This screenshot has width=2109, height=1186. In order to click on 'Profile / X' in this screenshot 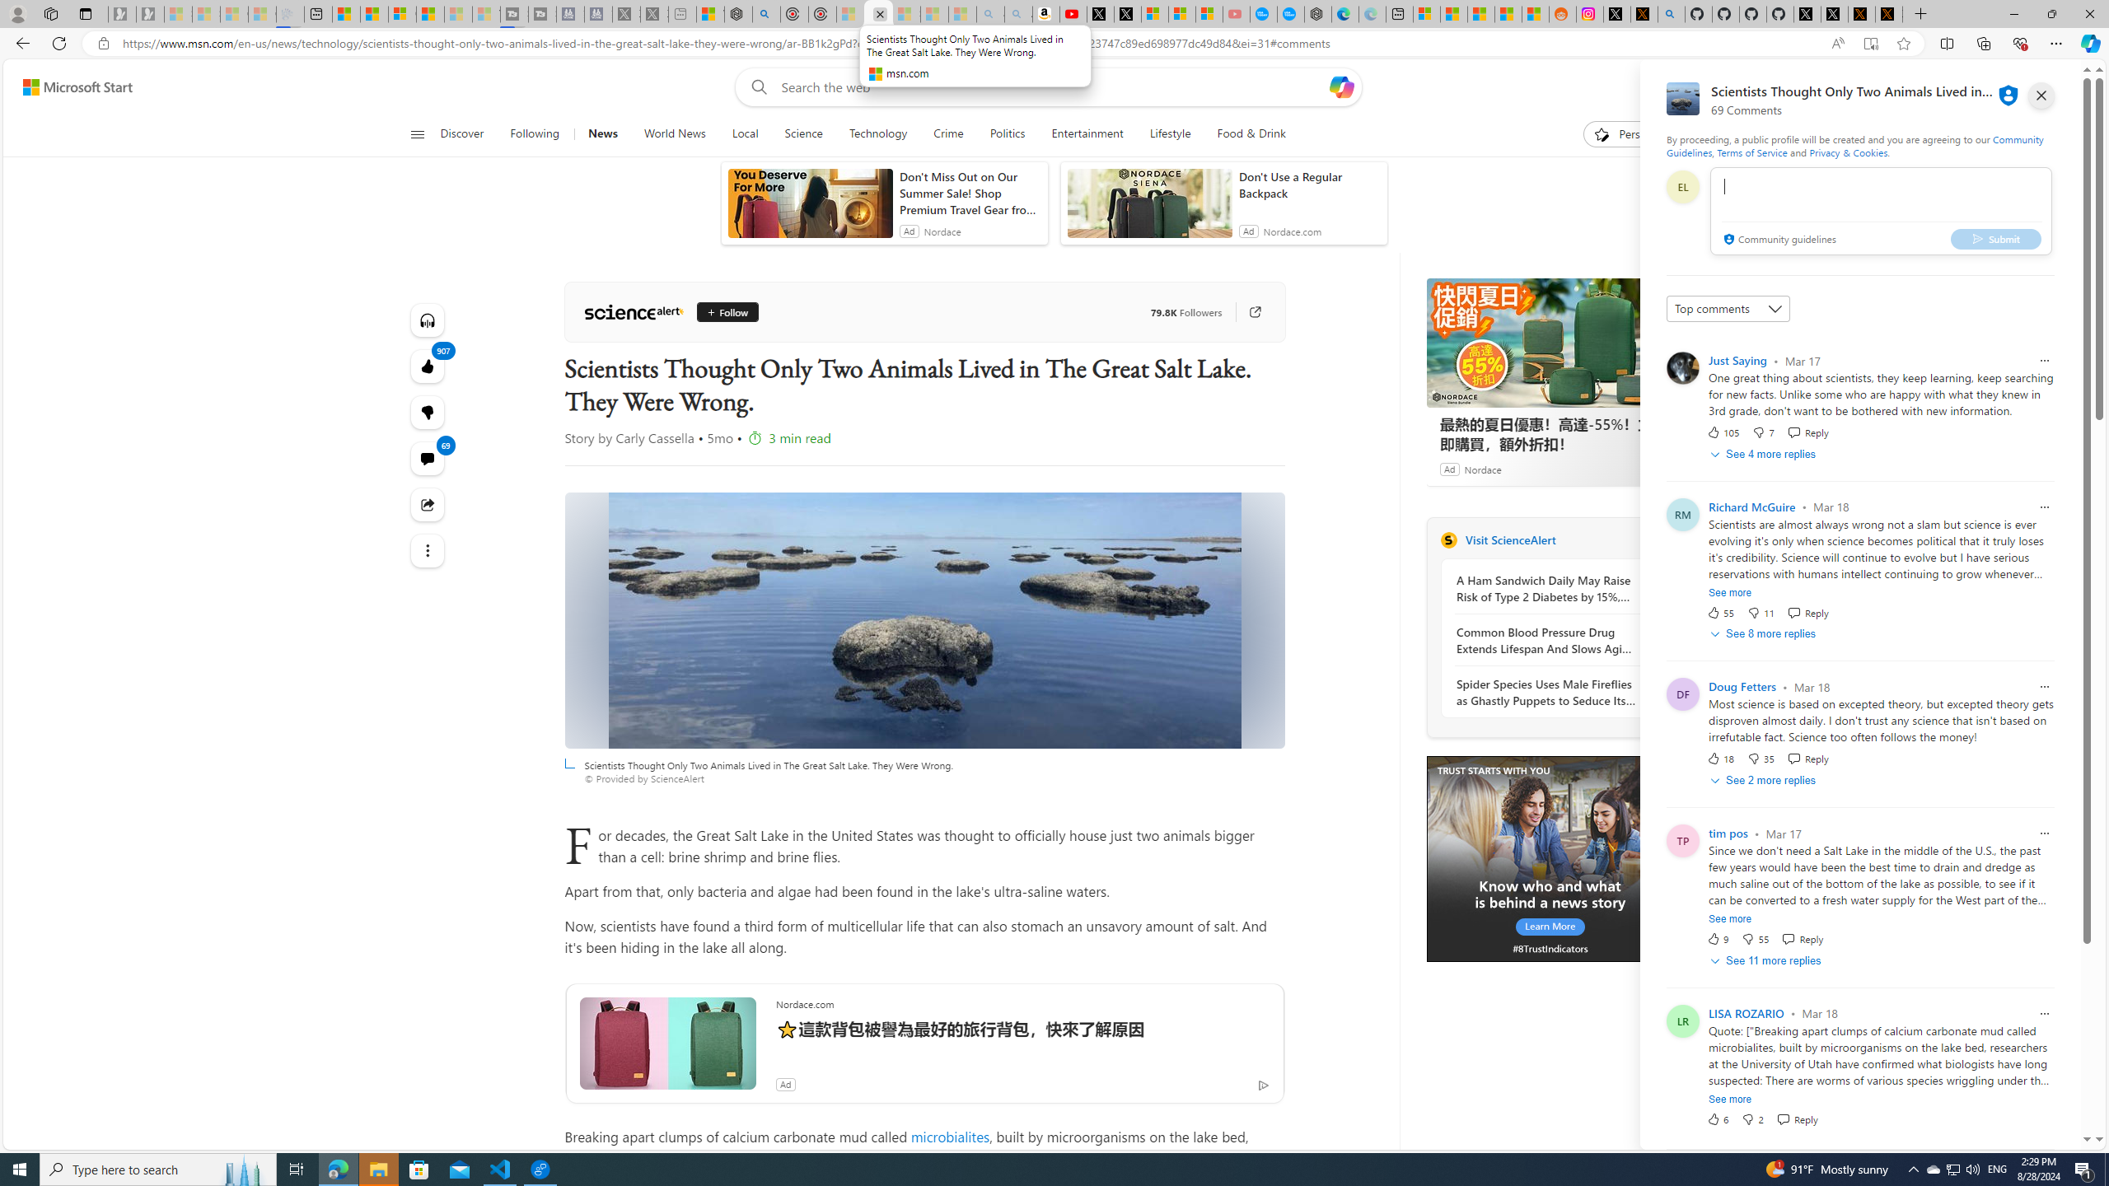, I will do `click(1807, 13)`.